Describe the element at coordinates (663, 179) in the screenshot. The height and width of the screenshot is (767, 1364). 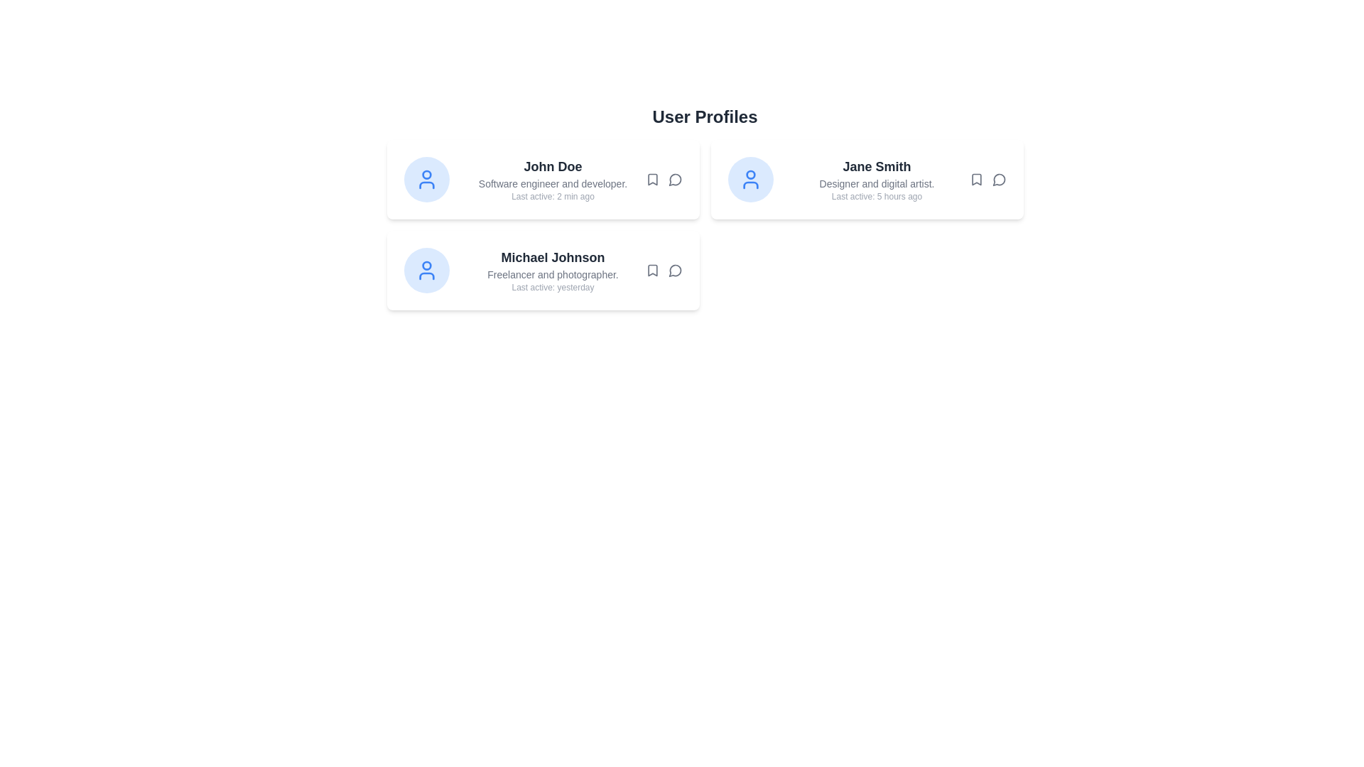
I see `the message icon located in the top-right corner of John Doe's user profile card, adjacent to the textual description` at that location.